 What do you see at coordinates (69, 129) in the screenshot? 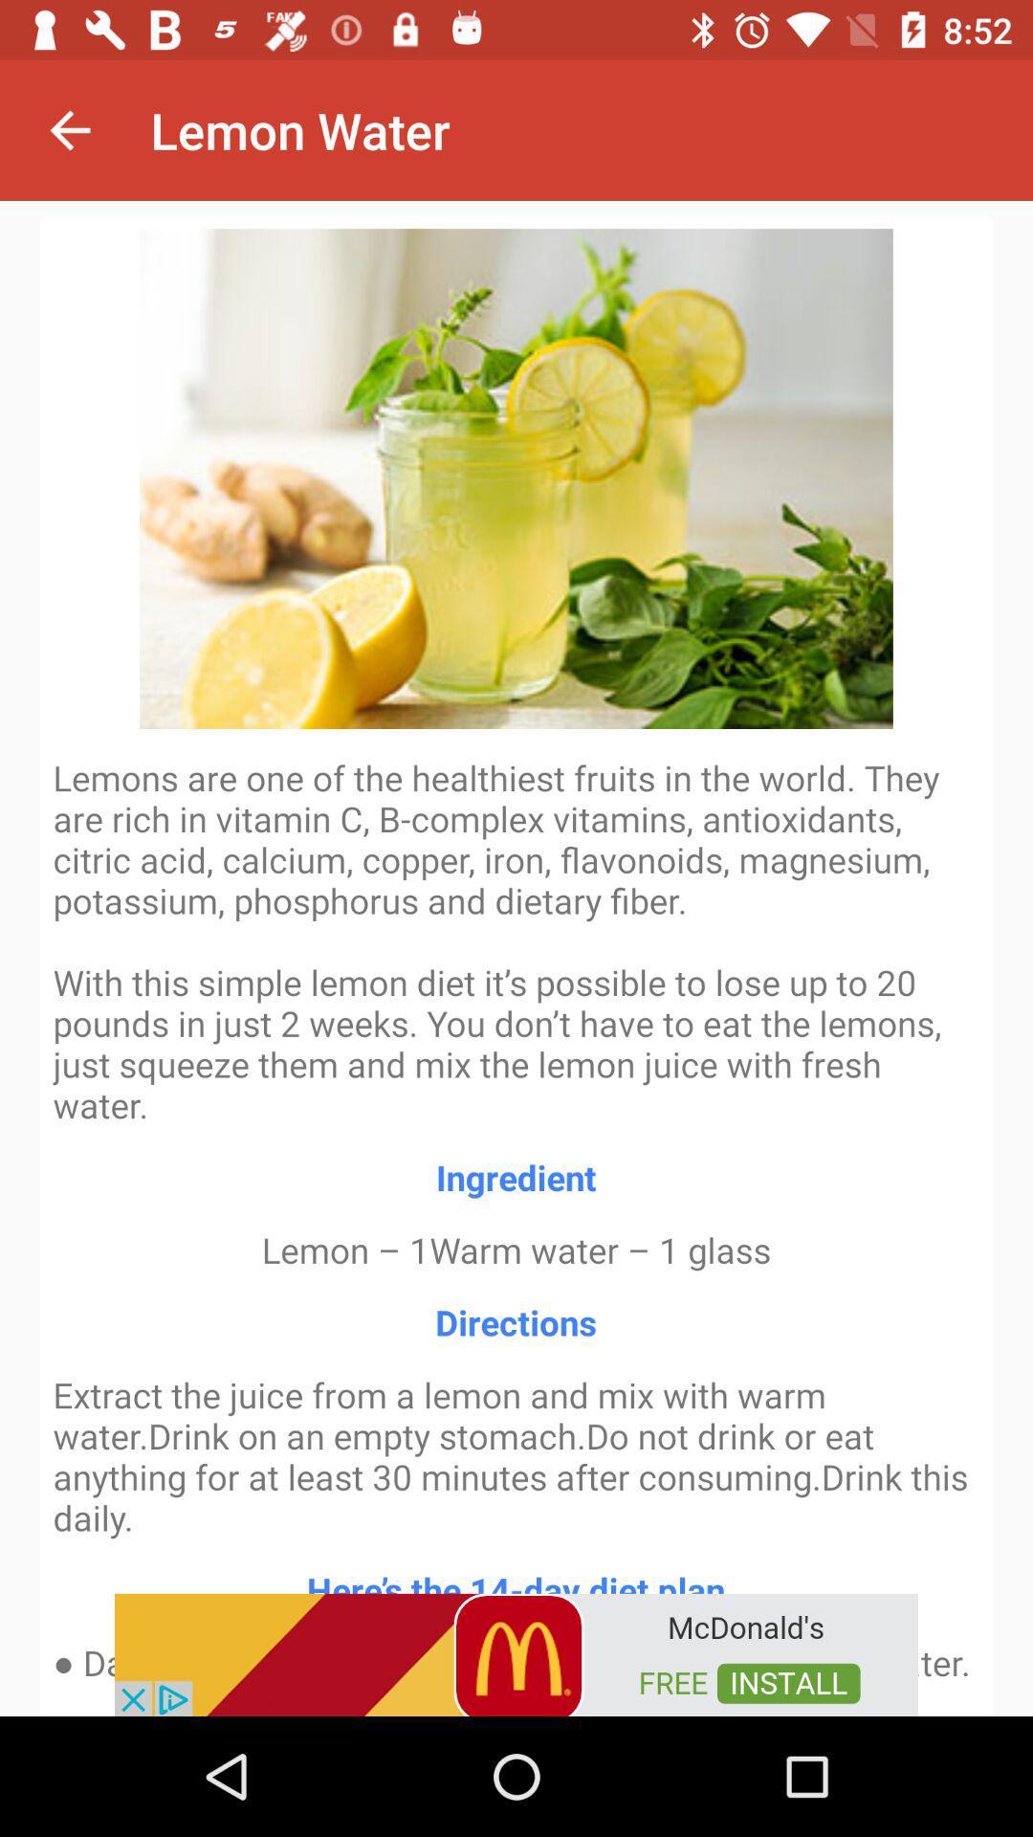
I see `app next to lemon water item` at bounding box center [69, 129].